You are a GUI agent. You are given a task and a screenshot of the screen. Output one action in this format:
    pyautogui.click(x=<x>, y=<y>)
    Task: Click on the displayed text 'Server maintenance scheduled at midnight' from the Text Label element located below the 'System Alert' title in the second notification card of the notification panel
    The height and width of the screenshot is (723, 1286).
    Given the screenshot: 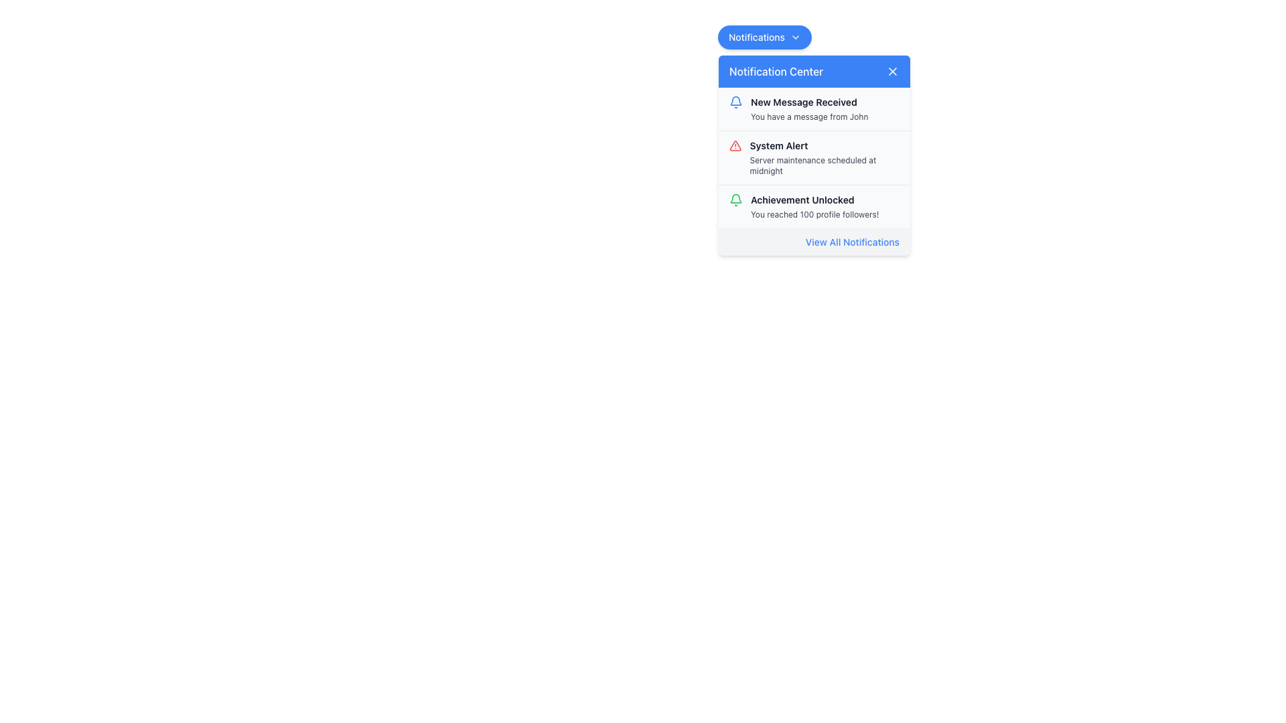 What is the action you would take?
    pyautogui.click(x=824, y=165)
    